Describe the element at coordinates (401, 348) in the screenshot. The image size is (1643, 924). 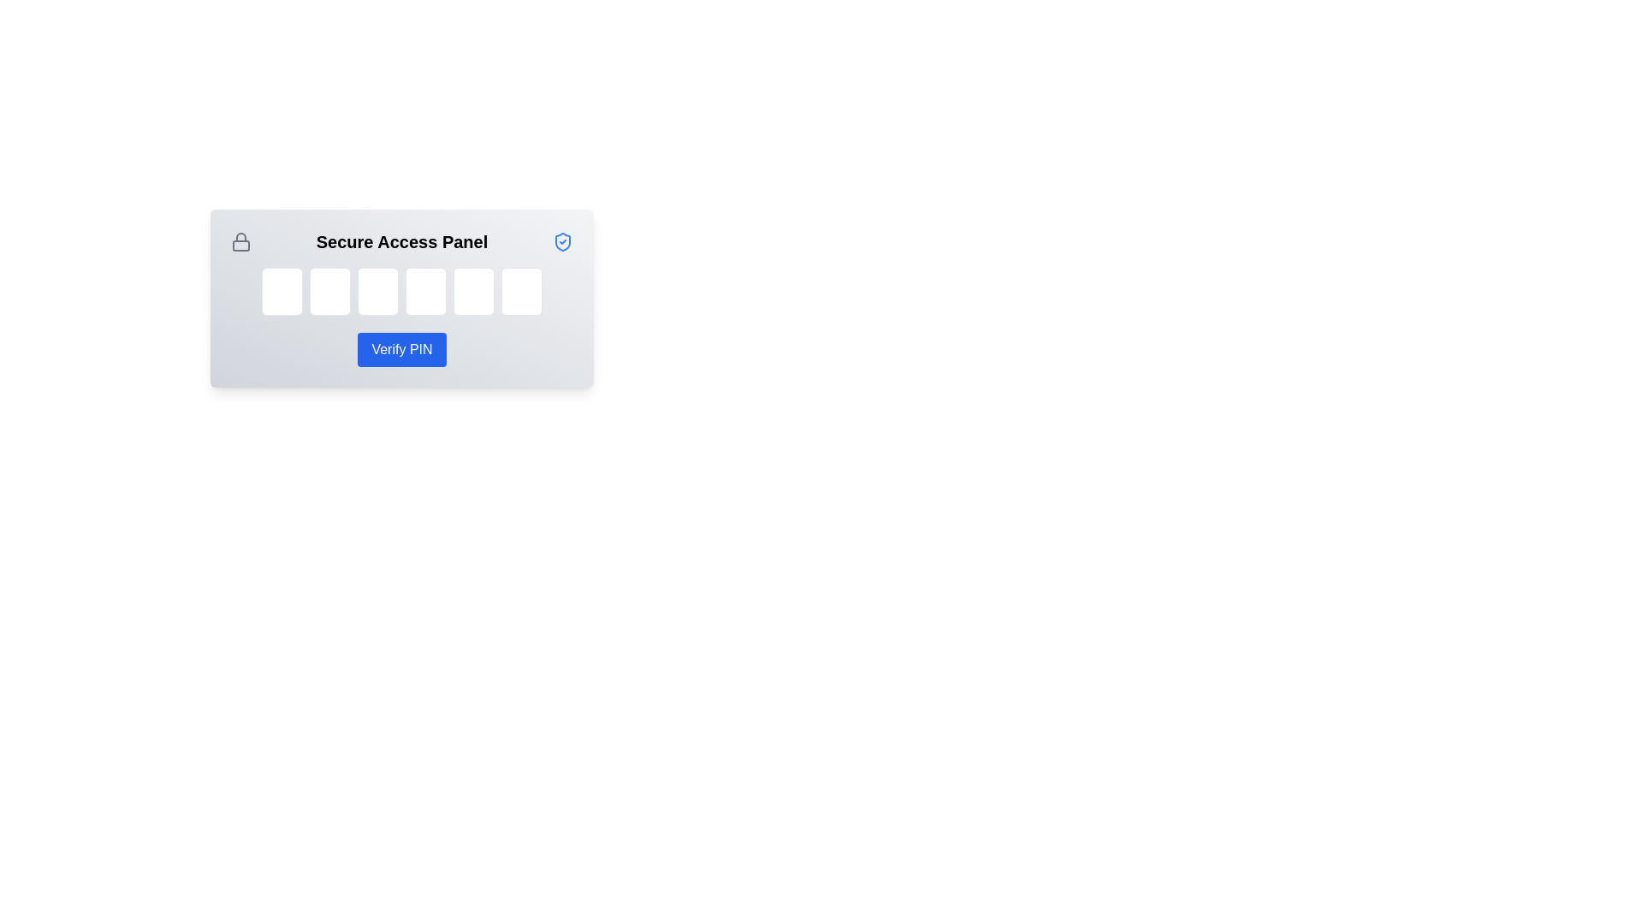
I see `the validation button located at the bottom of the 'Secure Access Panel'` at that location.